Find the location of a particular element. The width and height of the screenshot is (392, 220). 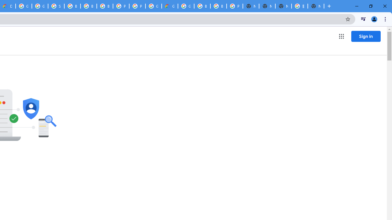

'Google Cloud Platform' is located at coordinates (153, 6).